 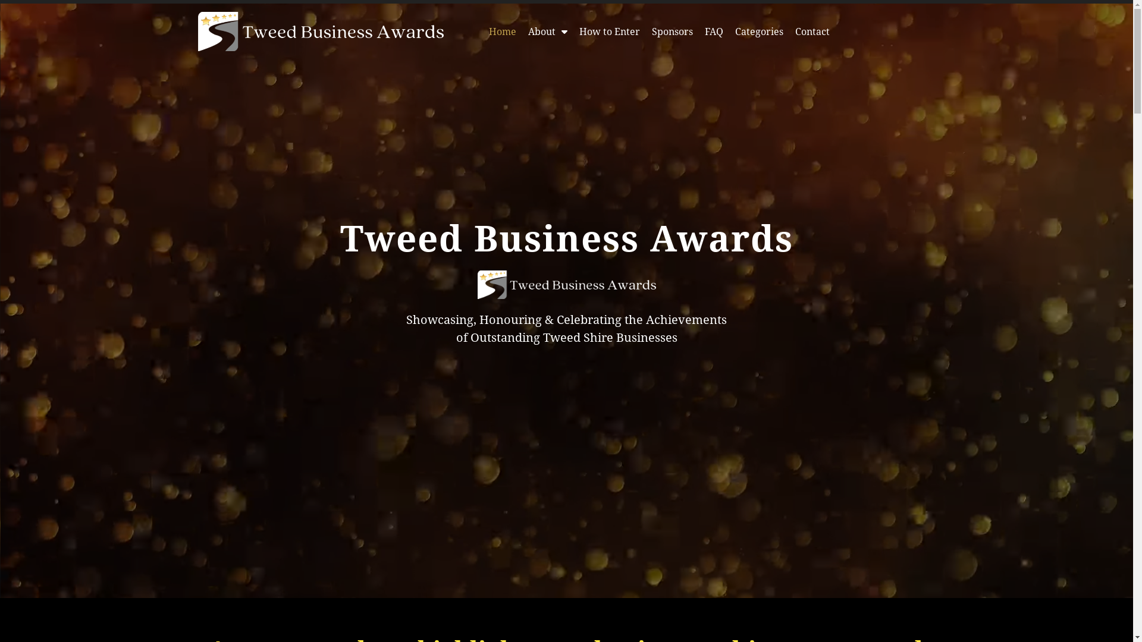 What do you see at coordinates (714, 31) in the screenshot?
I see `'FAQ'` at bounding box center [714, 31].